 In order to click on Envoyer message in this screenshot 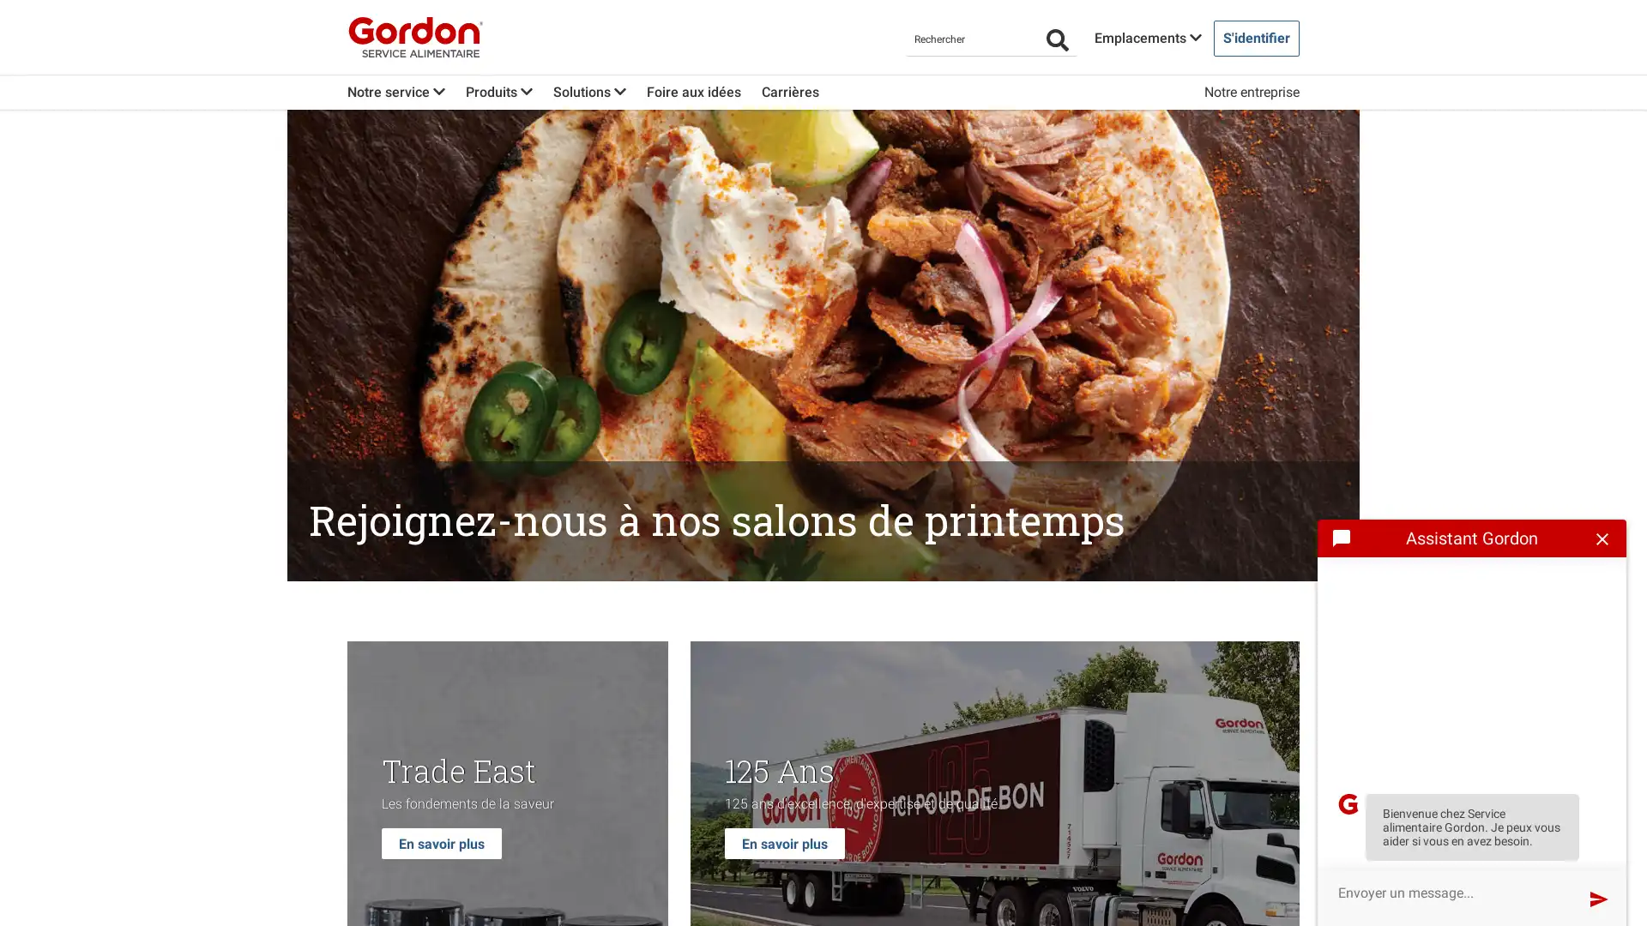, I will do `click(1597, 898)`.